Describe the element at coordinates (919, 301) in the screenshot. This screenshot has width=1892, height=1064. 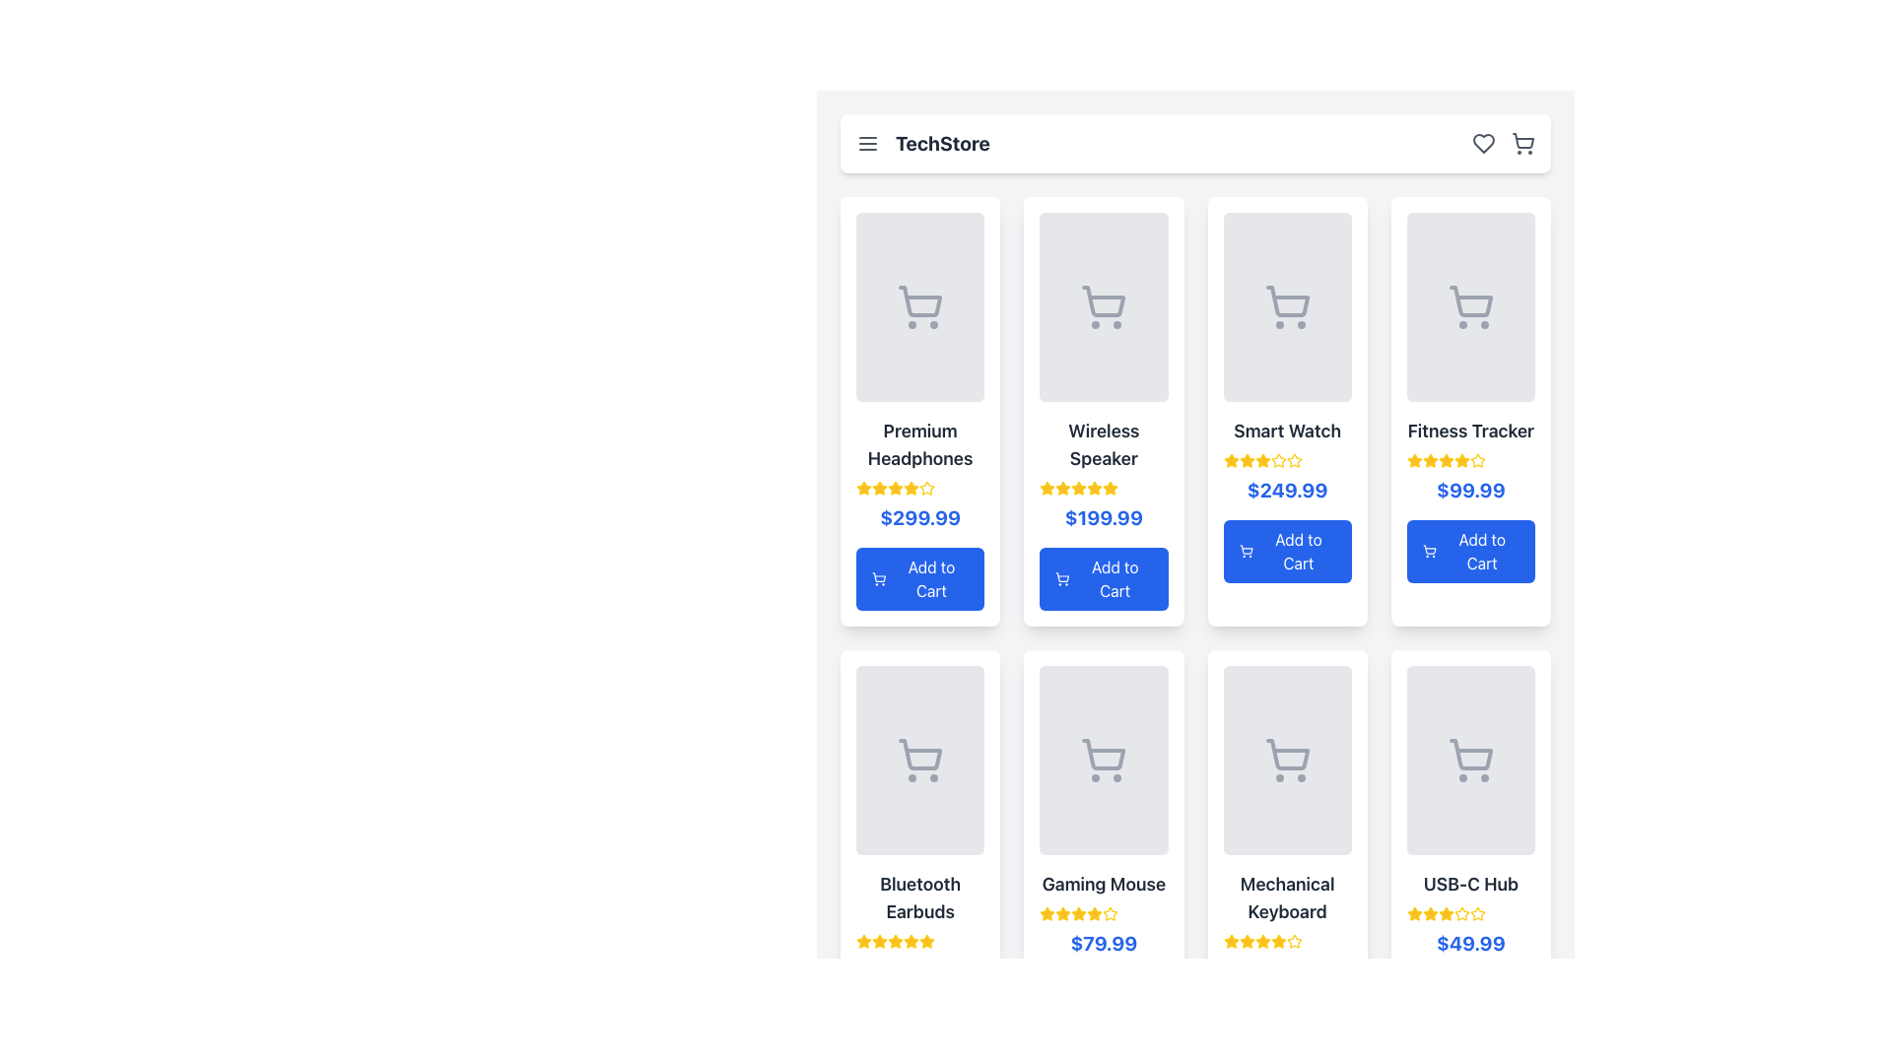
I see `the shopping cart icon located at the top-center of the first product card above the title 'Premium Headphones'` at that location.